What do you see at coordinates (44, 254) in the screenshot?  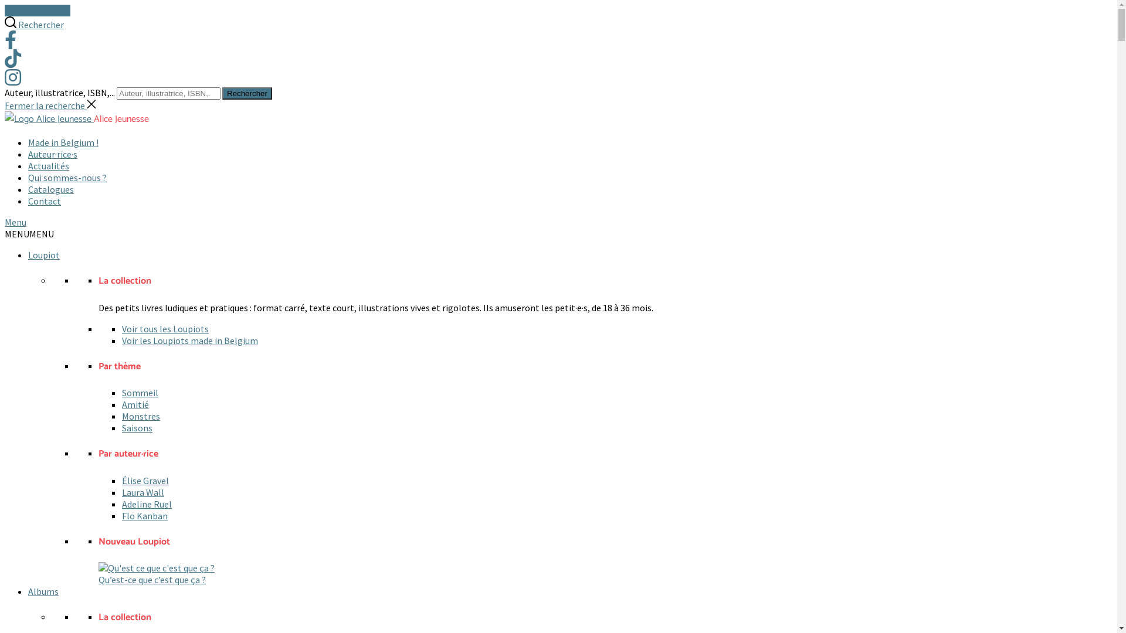 I see `'Loupiot'` at bounding box center [44, 254].